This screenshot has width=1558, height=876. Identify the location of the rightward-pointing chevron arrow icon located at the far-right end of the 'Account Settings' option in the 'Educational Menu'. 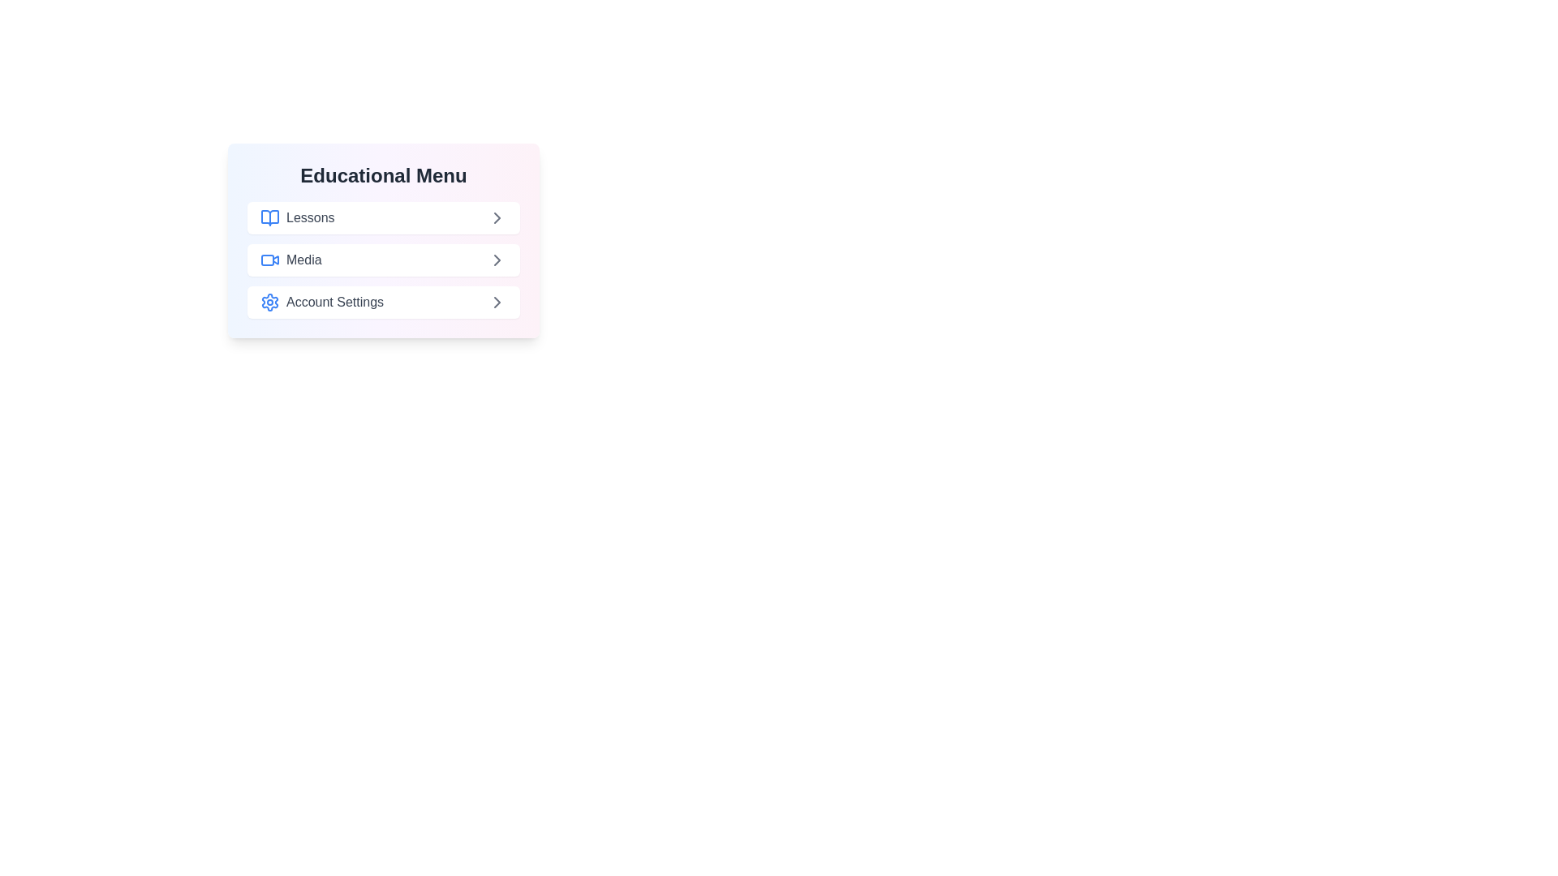
(497, 303).